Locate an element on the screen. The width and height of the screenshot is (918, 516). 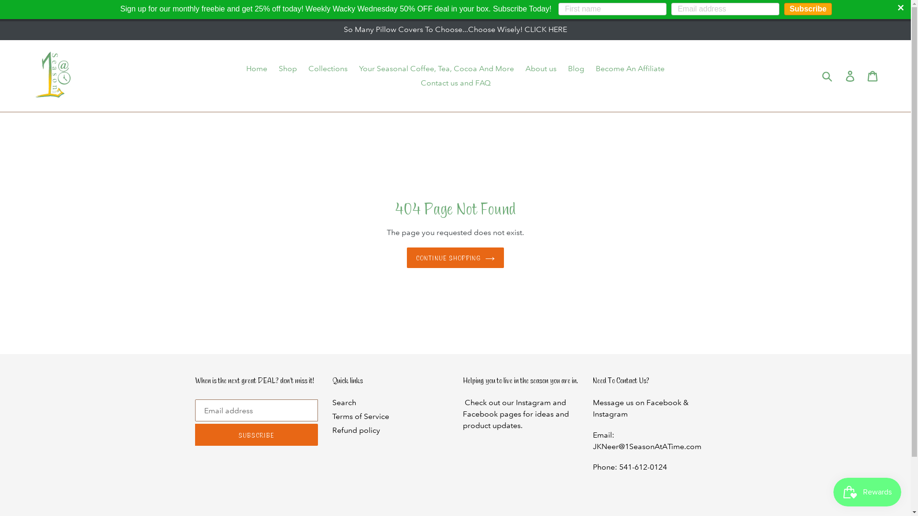
'Contact us and FAQ' is located at coordinates (455, 82).